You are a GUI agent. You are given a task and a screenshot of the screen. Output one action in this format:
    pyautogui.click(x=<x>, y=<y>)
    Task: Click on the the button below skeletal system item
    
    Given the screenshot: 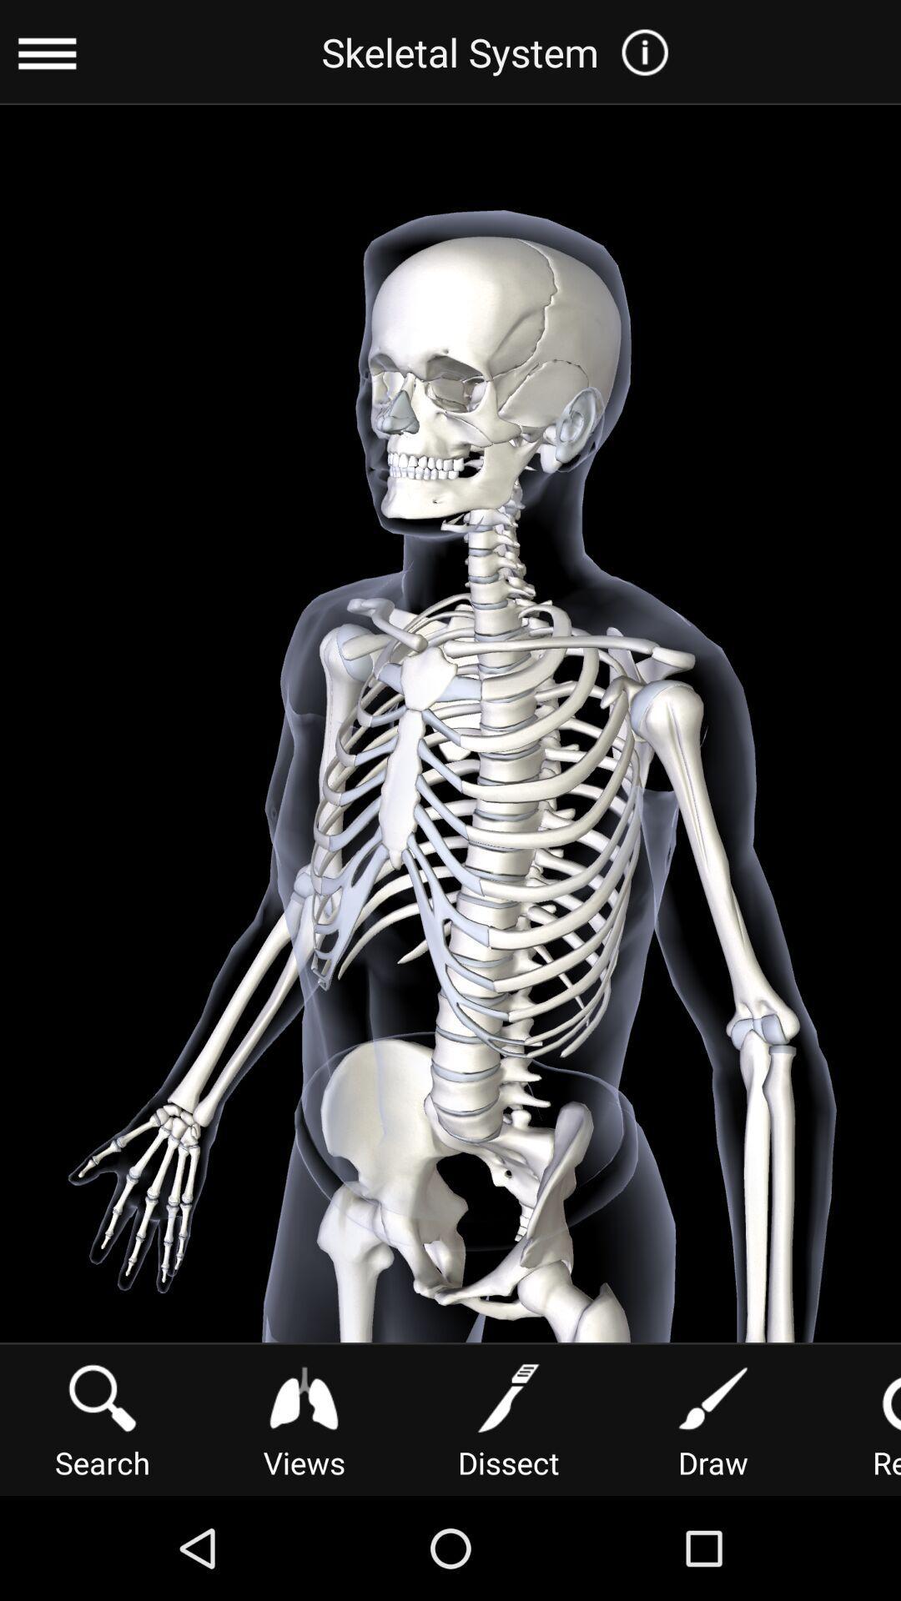 What is the action you would take?
    pyautogui.click(x=507, y=1418)
    